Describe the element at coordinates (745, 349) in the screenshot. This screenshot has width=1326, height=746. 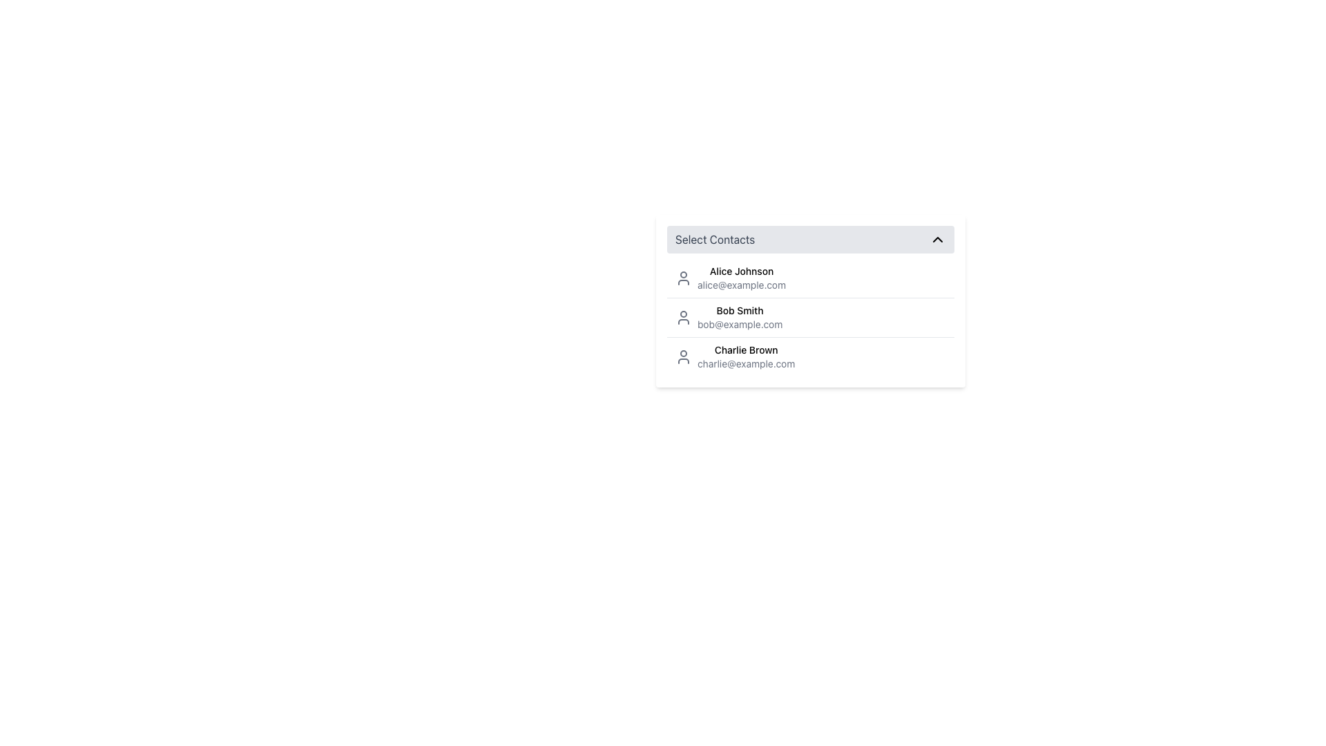
I see `the static text element displaying 'Charlie Brown', which is the third contact in the list located within the 'Select Contacts' dropdown` at that location.